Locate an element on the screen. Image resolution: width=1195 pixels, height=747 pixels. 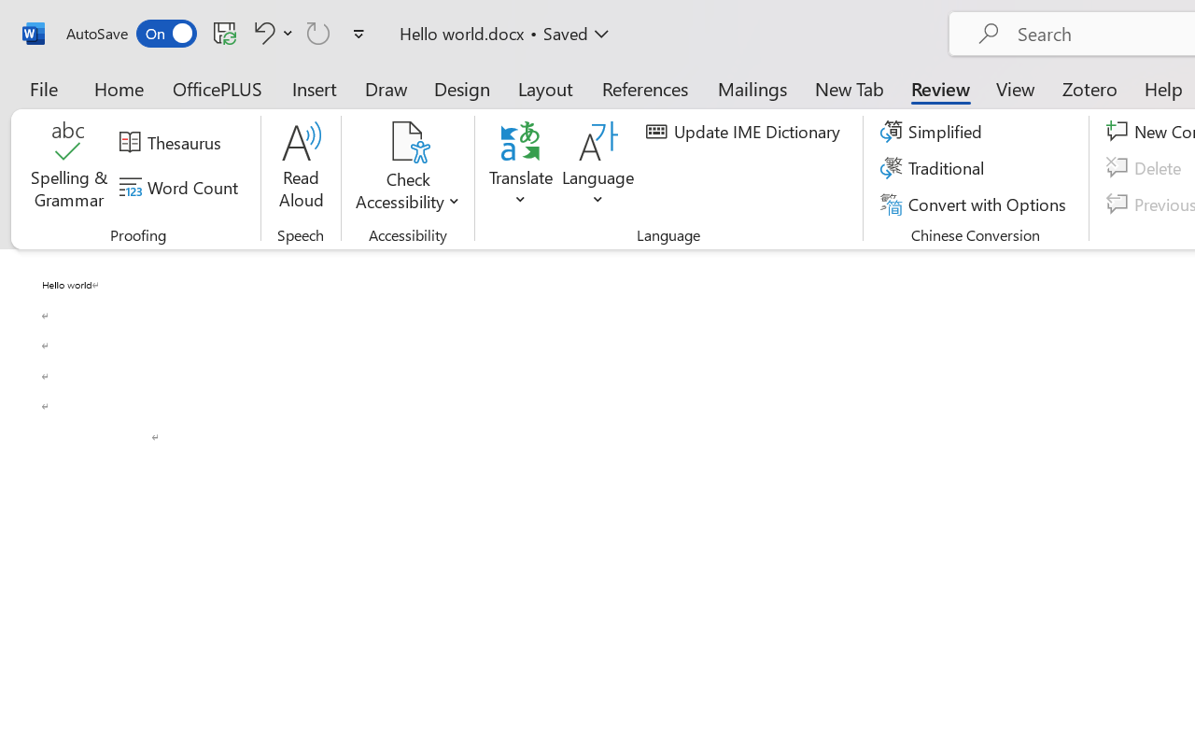
'Spelling & Grammar' is located at coordinates (69, 167).